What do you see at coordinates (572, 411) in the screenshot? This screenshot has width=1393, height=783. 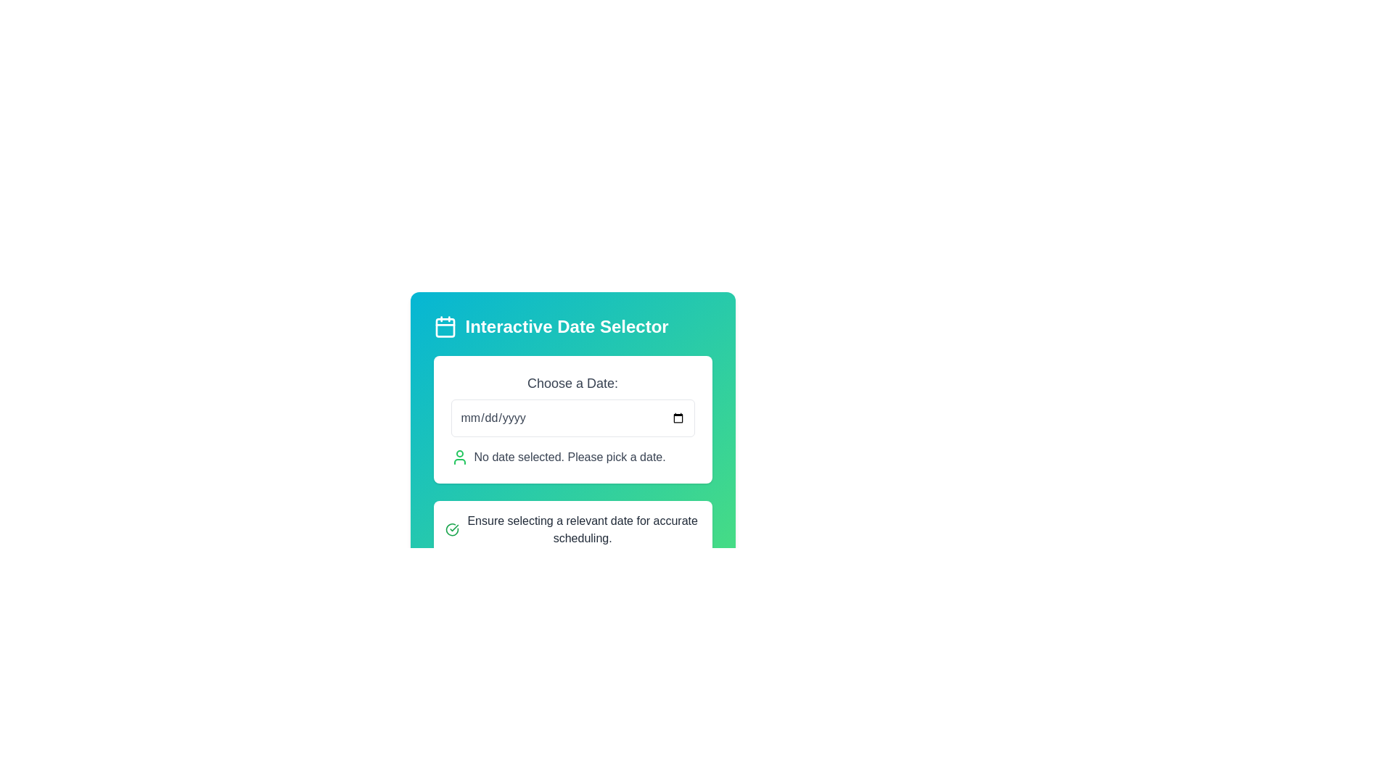 I see `the Date input field inside the 'Interactive Date Selector' modal for manual date entry` at bounding box center [572, 411].